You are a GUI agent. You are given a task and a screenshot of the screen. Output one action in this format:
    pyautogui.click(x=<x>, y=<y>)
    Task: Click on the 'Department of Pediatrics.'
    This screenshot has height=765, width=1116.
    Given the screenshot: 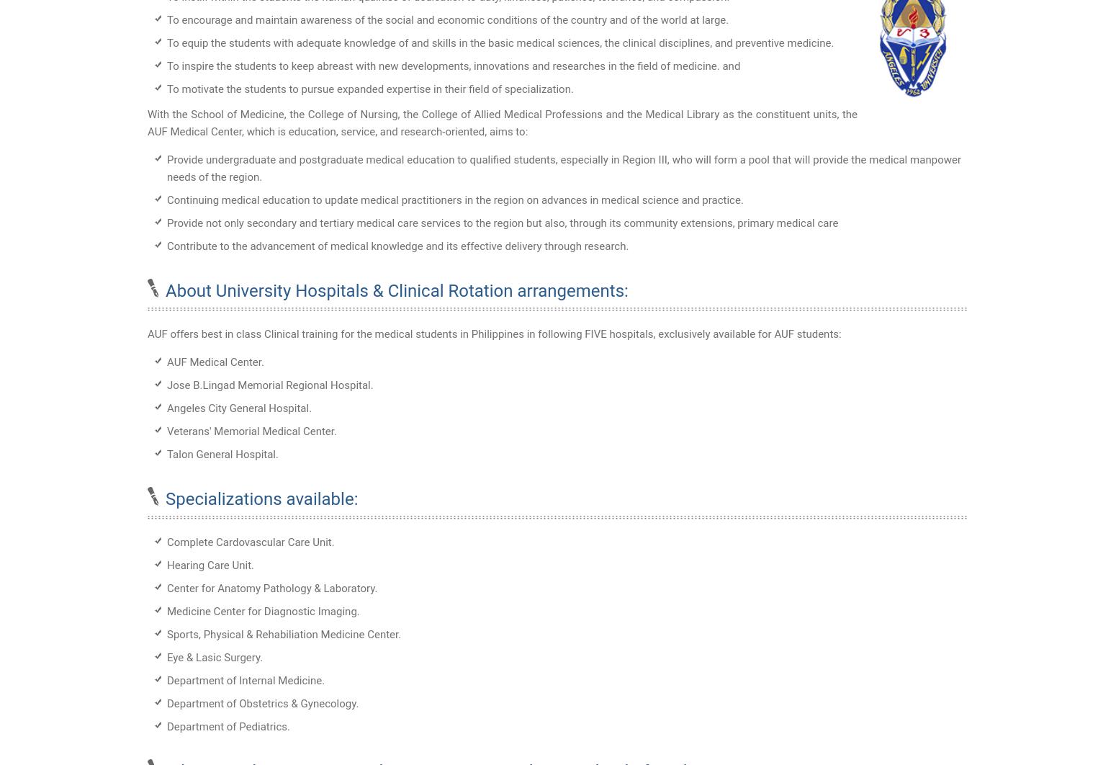 What is the action you would take?
    pyautogui.click(x=228, y=726)
    